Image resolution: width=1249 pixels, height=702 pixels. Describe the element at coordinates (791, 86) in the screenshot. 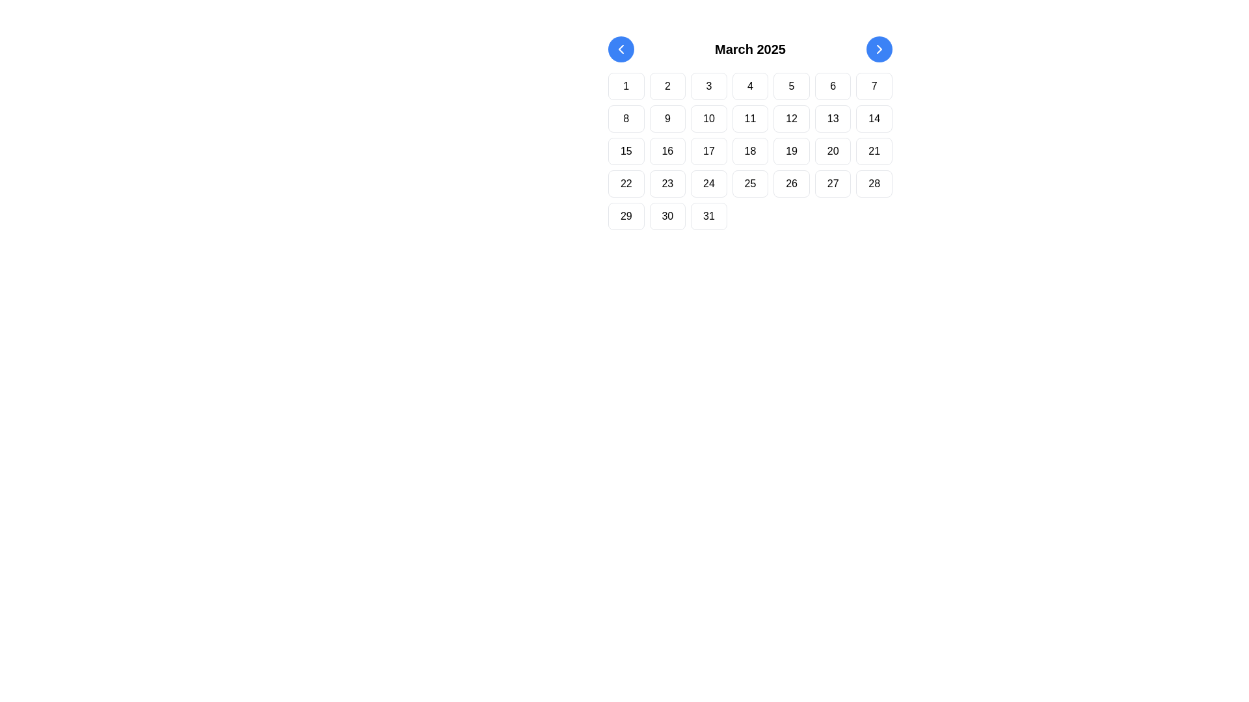

I see `the date selection button for March 5th, 2025, located in the first row of a 7-column grid, positioned between the buttons labeled '4' and '6'` at that location.